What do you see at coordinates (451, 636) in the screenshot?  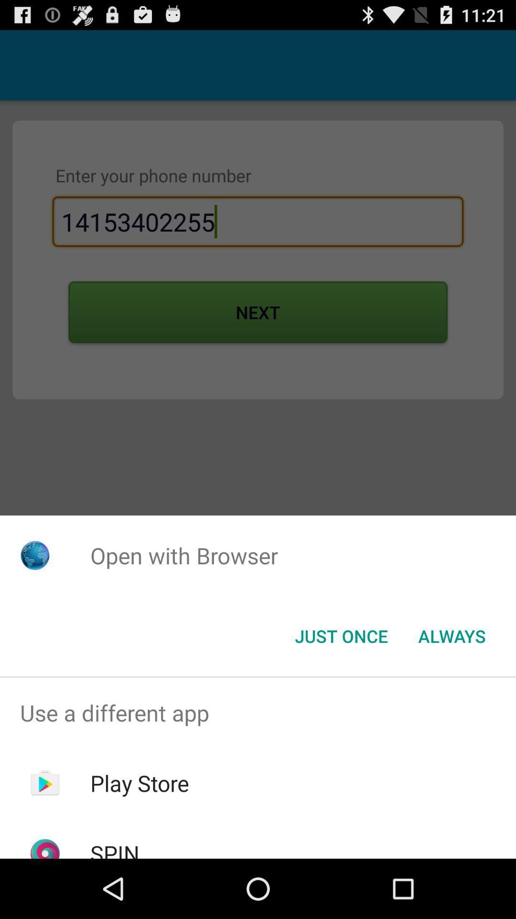 I see `the button at the bottom right corner` at bounding box center [451, 636].